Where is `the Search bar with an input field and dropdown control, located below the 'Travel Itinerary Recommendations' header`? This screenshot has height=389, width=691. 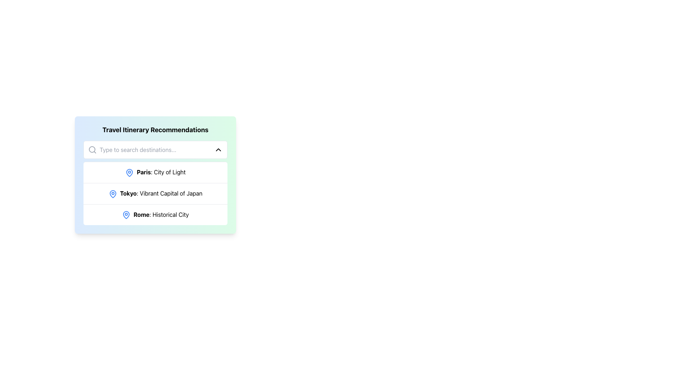
the Search bar with an input field and dropdown control, located below the 'Travel Itinerary Recommendations' header is located at coordinates (155, 149).